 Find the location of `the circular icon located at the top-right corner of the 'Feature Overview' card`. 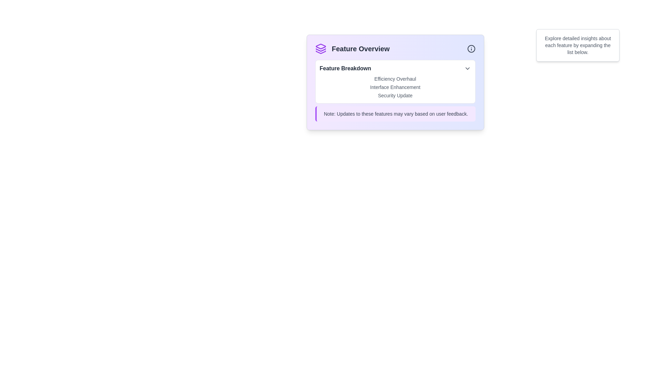

the circular icon located at the top-right corner of the 'Feature Overview' card is located at coordinates (471, 48).